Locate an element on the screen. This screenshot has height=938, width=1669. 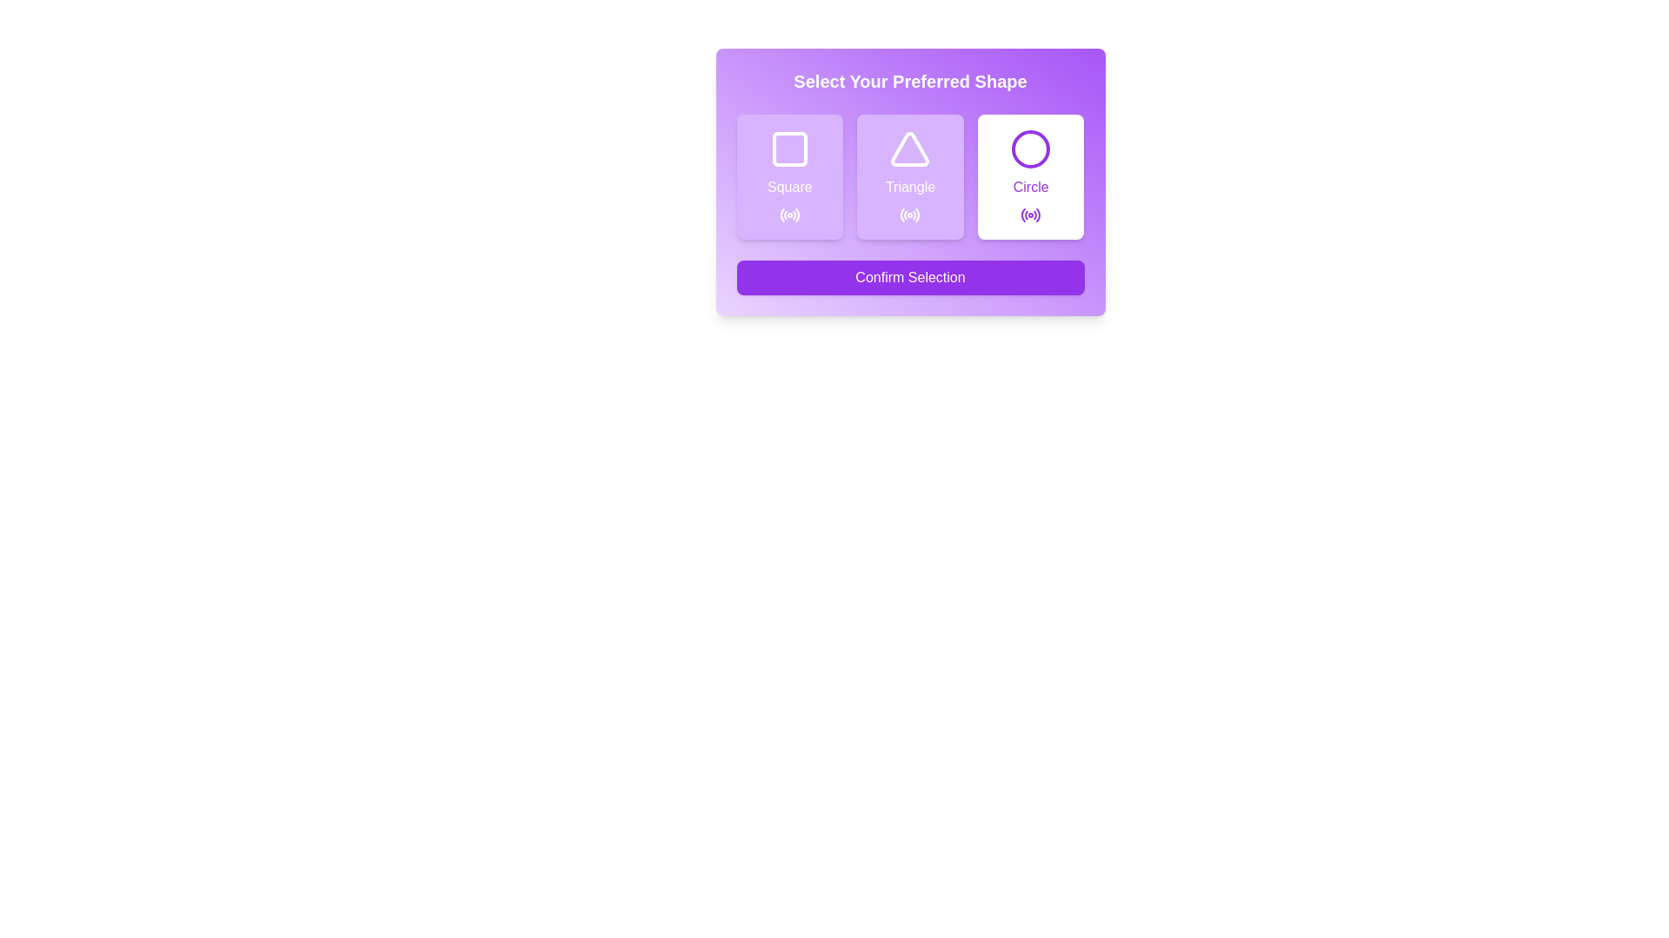
the confirmation button located at the bottom of the shape selection interface, which is centrally aligned beneath the 'Square', 'Triangle', and 'Circle' buttons to finalize the user's shape selection is located at coordinates (909, 277).